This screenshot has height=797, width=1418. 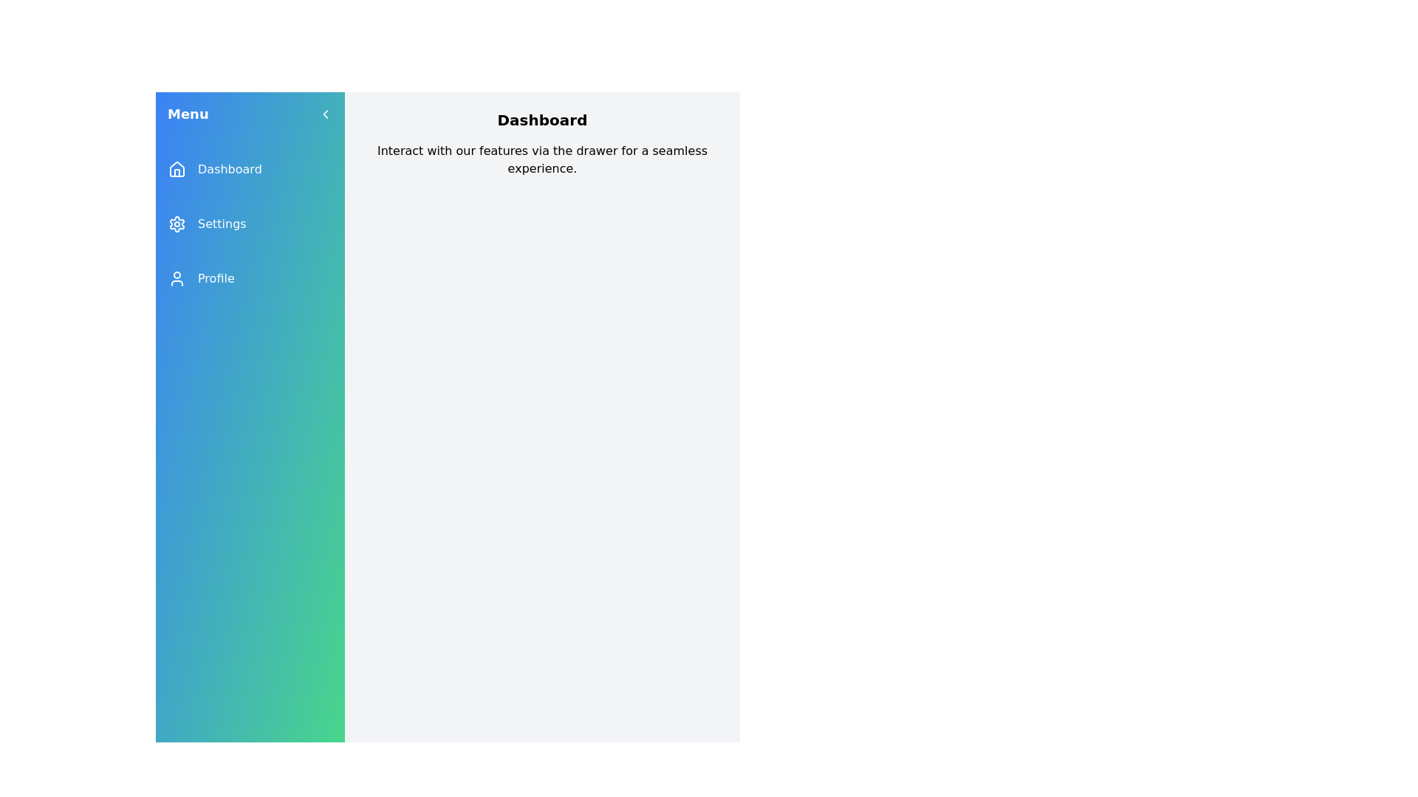 What do you see at coordinates (250, 169) in the screenshot?
I see `the menu item labeled Dashboard to observe visual feedback` at bounding box center [250, 169].